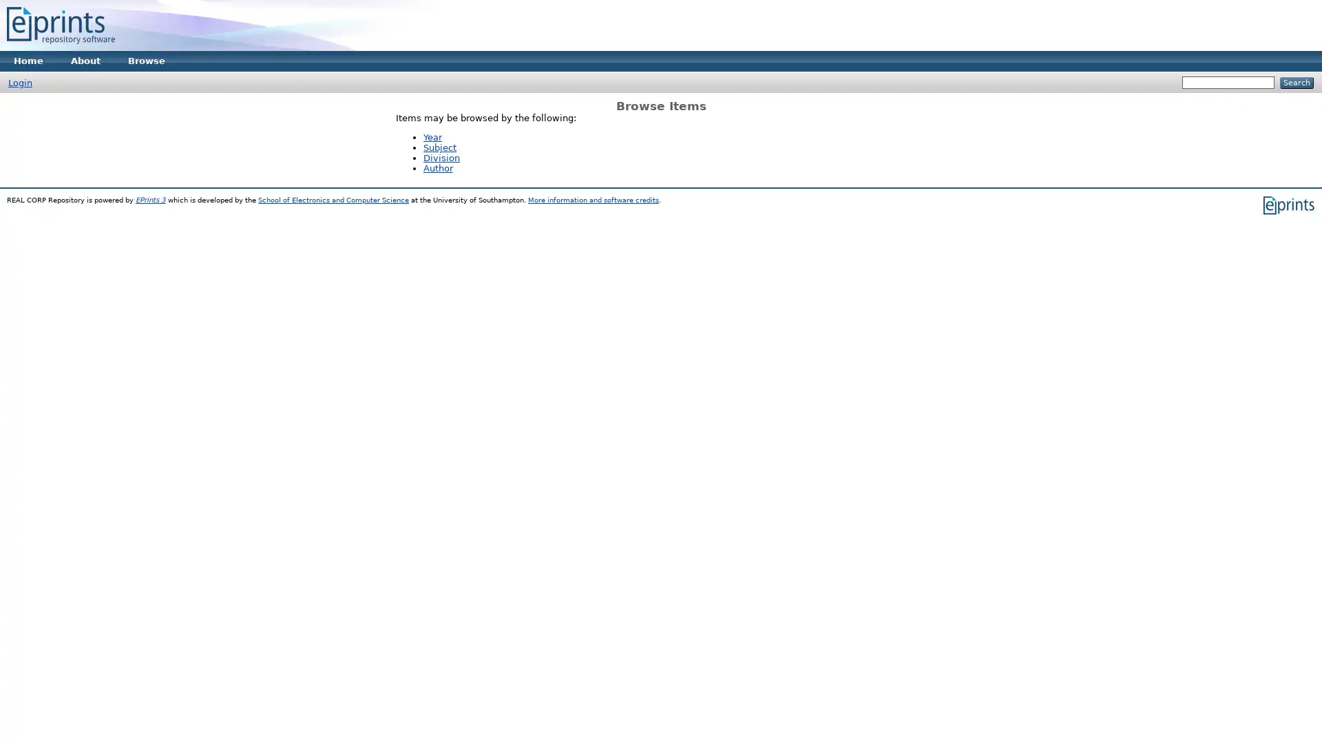 The height and width of the screenshot is (744, 1322). Describe the element at coordinates (1296, 83) in the screenshot. I see `Search` at that location.